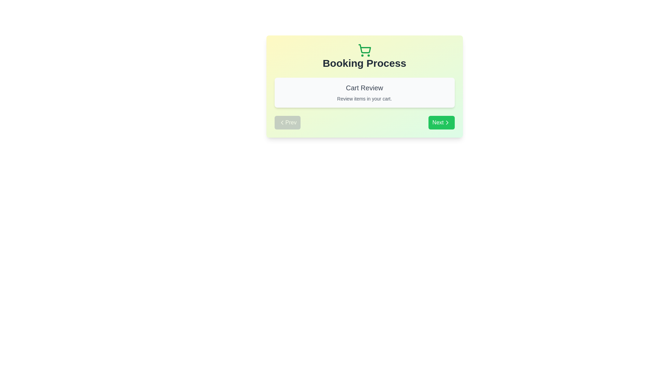 The height and width of the screenshot is (368, 655). I want to click on the rightward pointing chevron icon within the SVG that symbolizes progressing forward, located under the 'Next' button in the bottom right region of the interface, so click(447, 122).